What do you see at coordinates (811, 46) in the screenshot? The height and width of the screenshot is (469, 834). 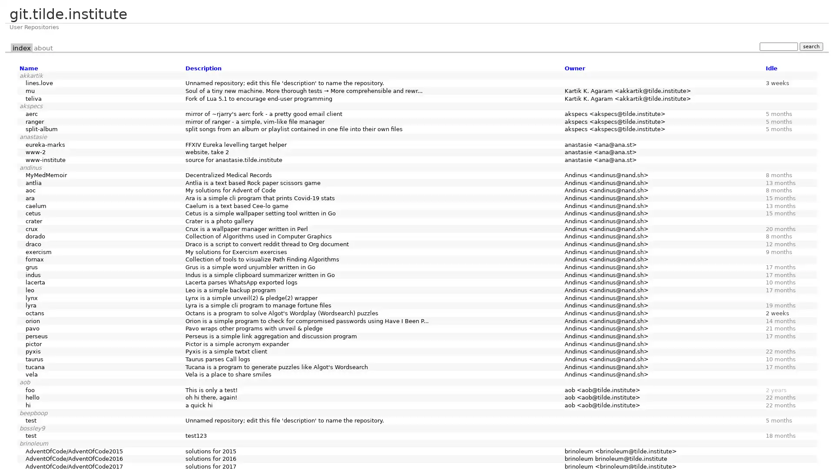 I see `search` at bounding box center [811, 46].